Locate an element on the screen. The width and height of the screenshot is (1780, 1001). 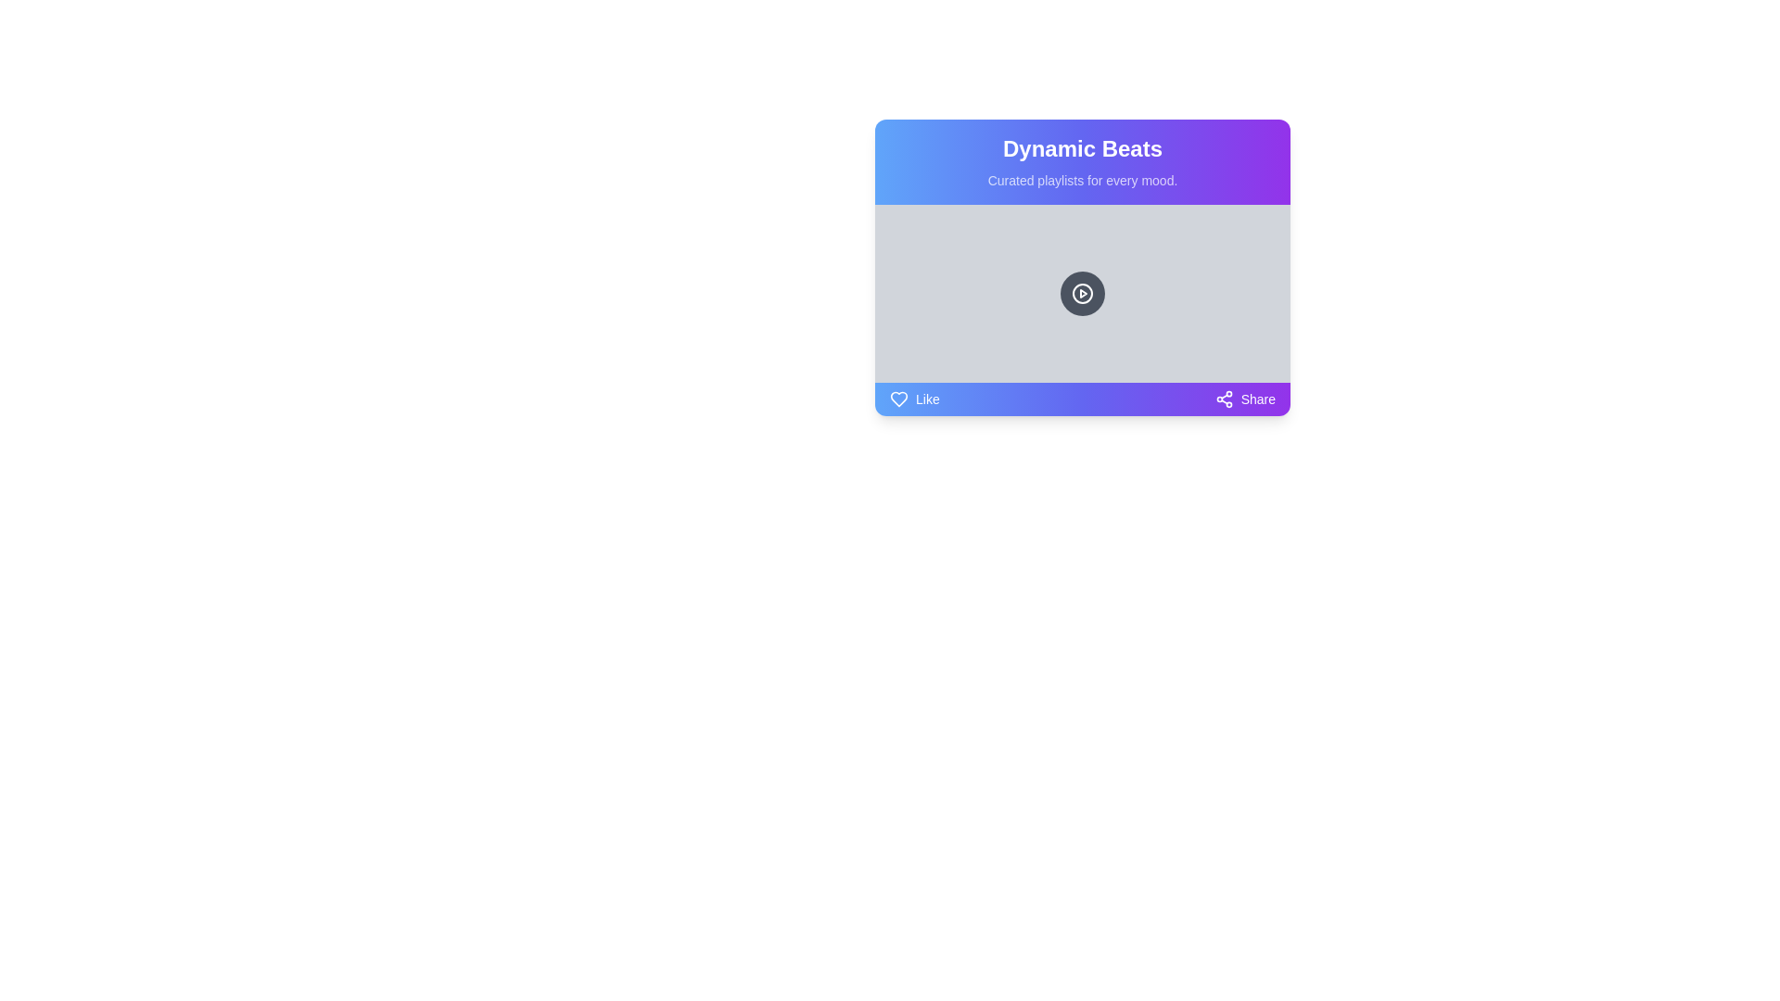
the 'like' icon located at the bottom-left of the card interface to express approval for the associated content is located at coordinates (898, 399).